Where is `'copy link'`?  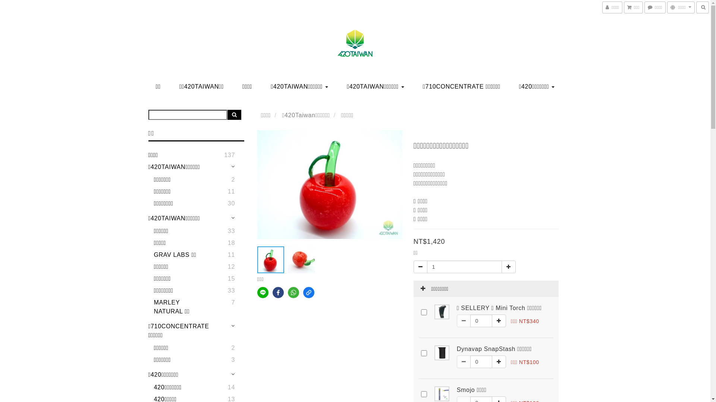 'copy link' is located at coordinates (309, 292).